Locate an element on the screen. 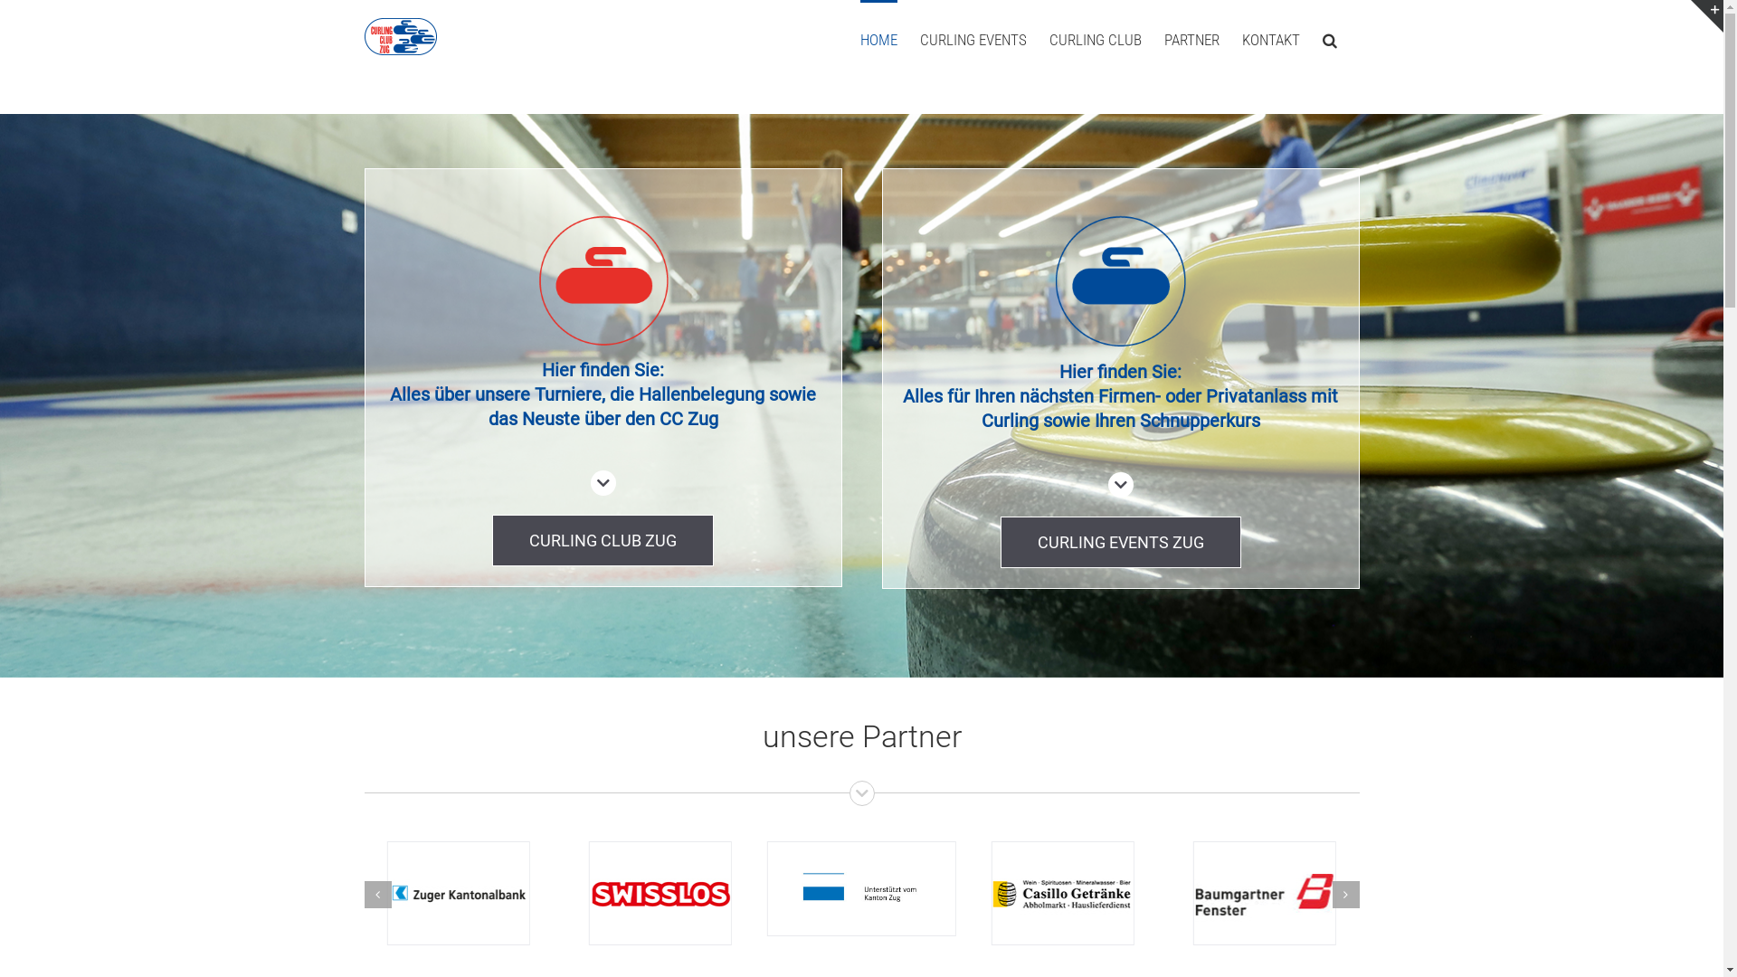 This screenshot has height=977, width=1737. 'PARTNER' is located at coordinates (1191, 38).